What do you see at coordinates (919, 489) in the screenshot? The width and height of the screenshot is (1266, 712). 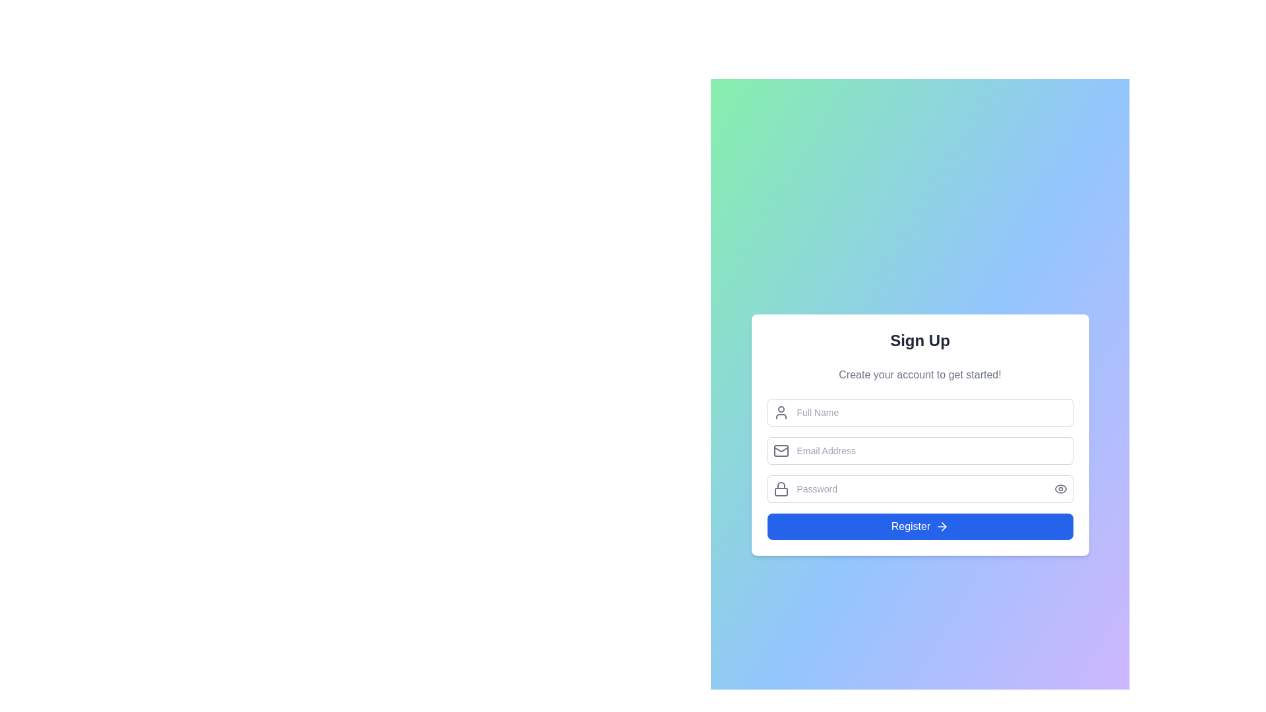 I see `the Password input field with visibility toggle button` at bounding box center [919, 489].